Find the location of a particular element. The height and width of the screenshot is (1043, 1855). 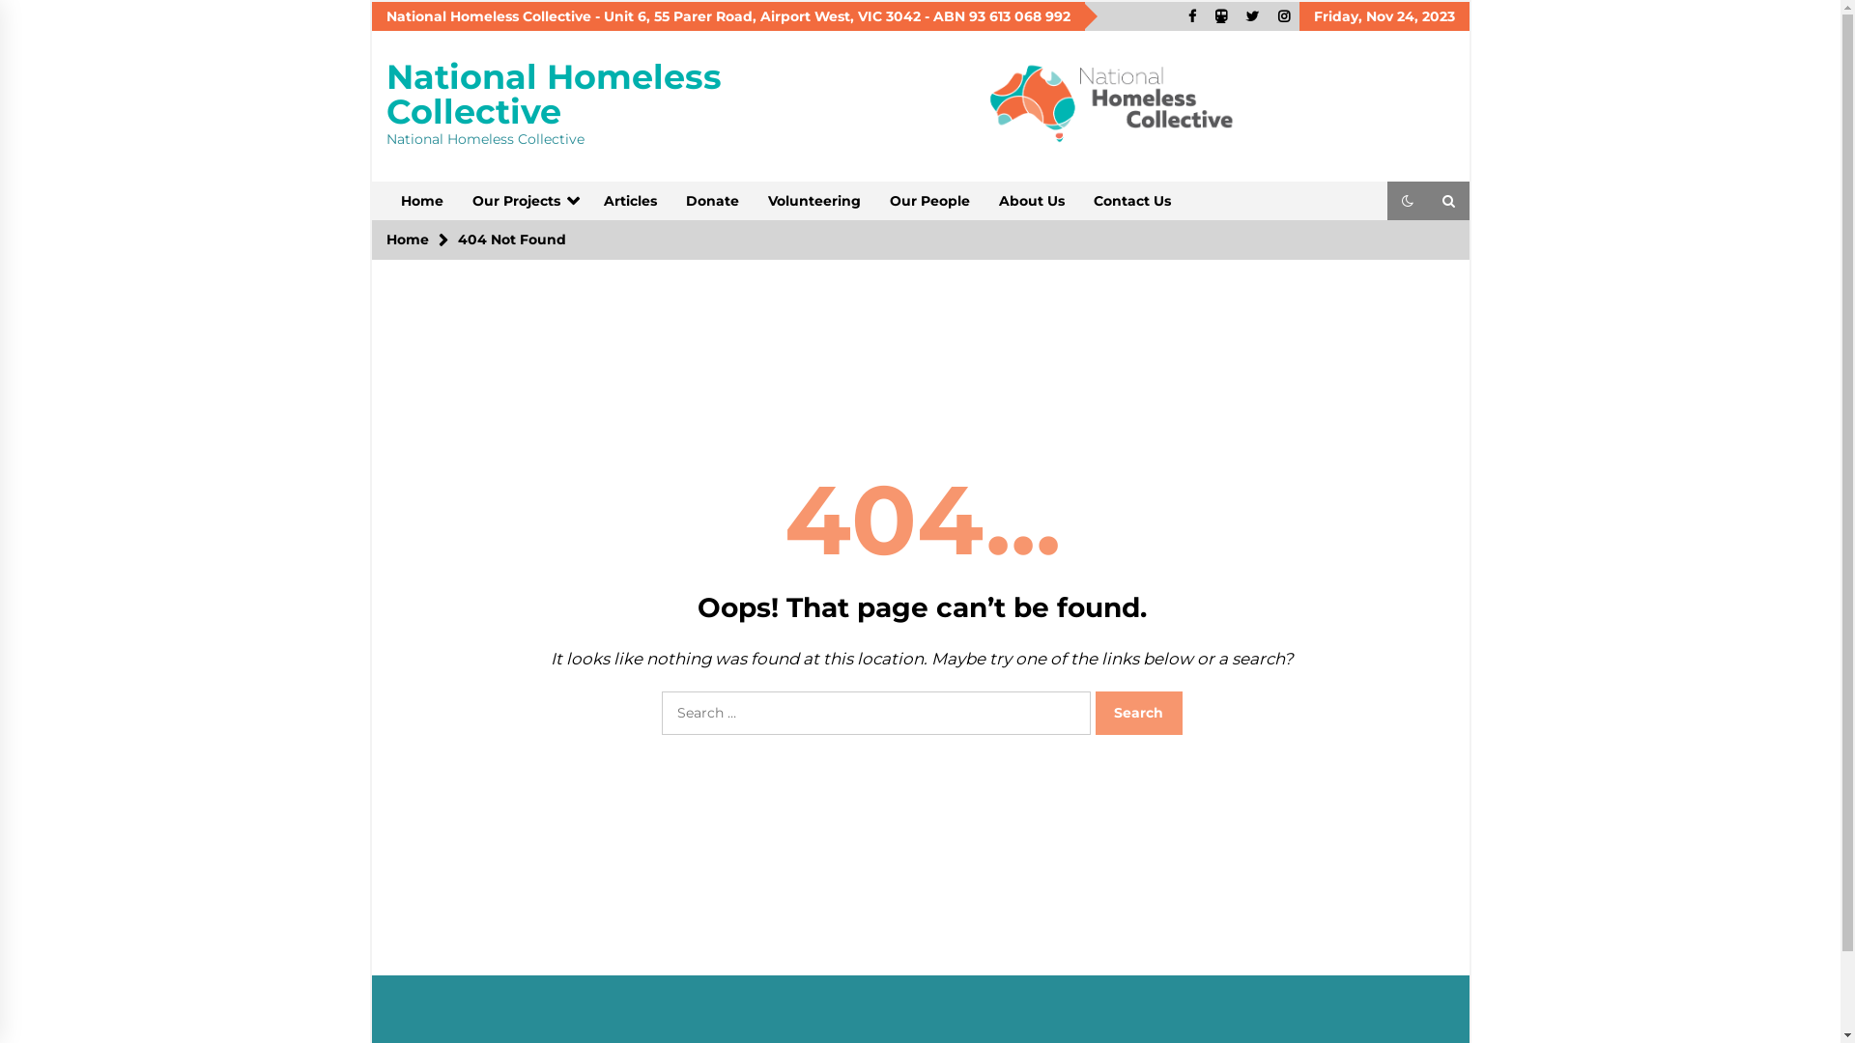

'404 Not Found' is located at coordinates (511, 238).